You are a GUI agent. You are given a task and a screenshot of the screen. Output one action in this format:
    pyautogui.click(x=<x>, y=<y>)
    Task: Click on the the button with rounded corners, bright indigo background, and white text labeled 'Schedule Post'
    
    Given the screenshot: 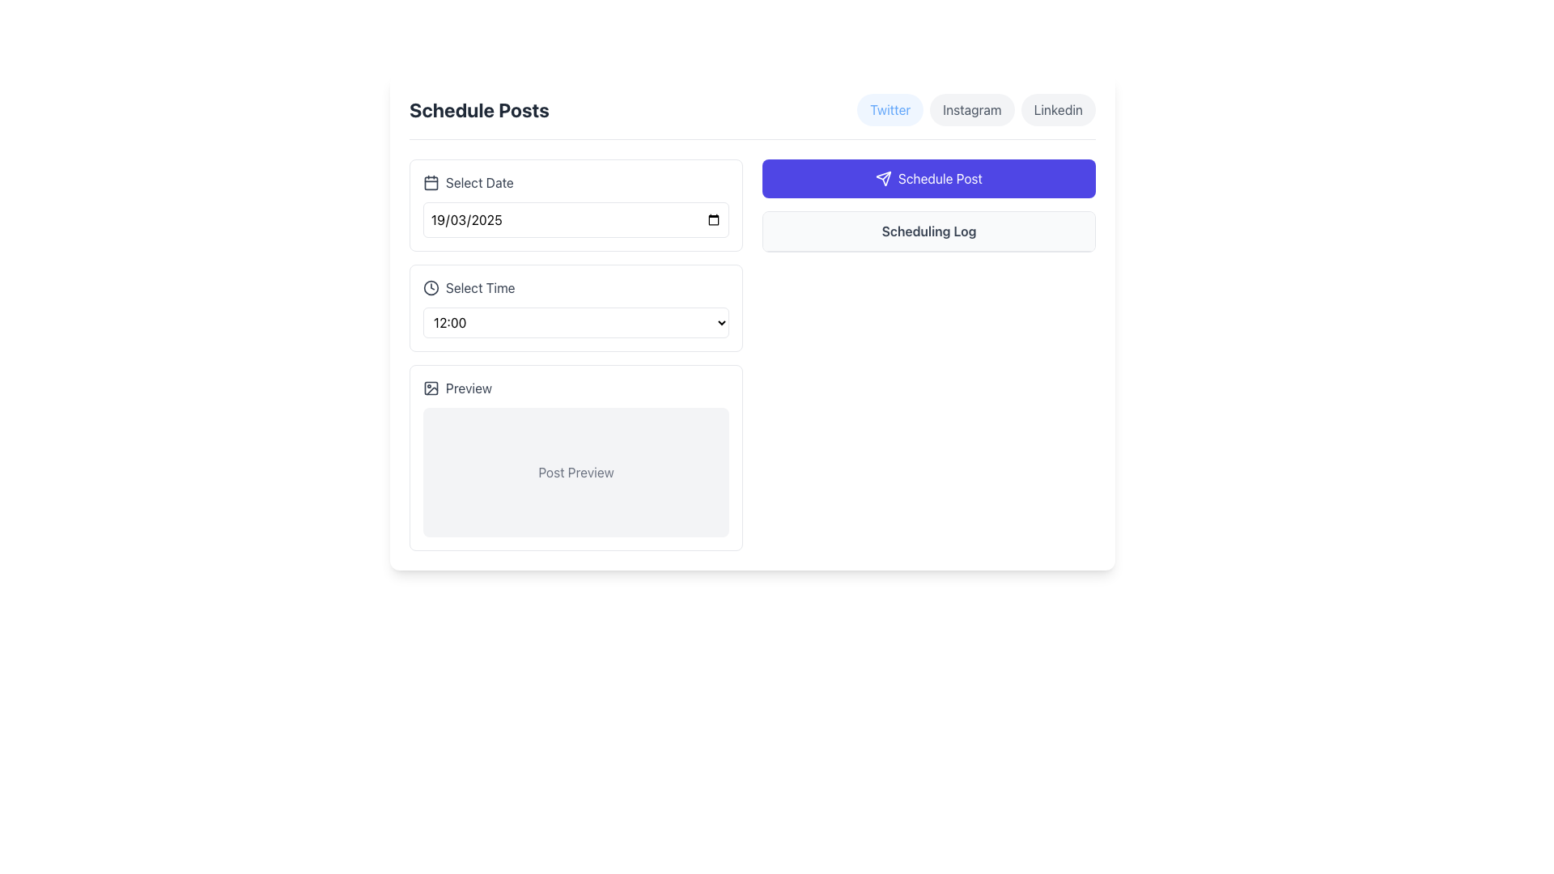 What is the action you would take?
    pyautogui.click(x=928, y=178)
    